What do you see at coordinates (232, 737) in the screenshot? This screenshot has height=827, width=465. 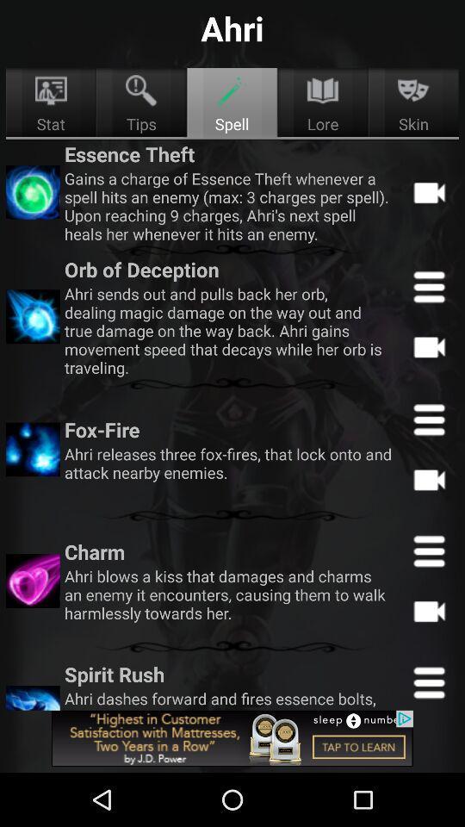 I see `visualizar anncio` at bounding box center [232, 737].